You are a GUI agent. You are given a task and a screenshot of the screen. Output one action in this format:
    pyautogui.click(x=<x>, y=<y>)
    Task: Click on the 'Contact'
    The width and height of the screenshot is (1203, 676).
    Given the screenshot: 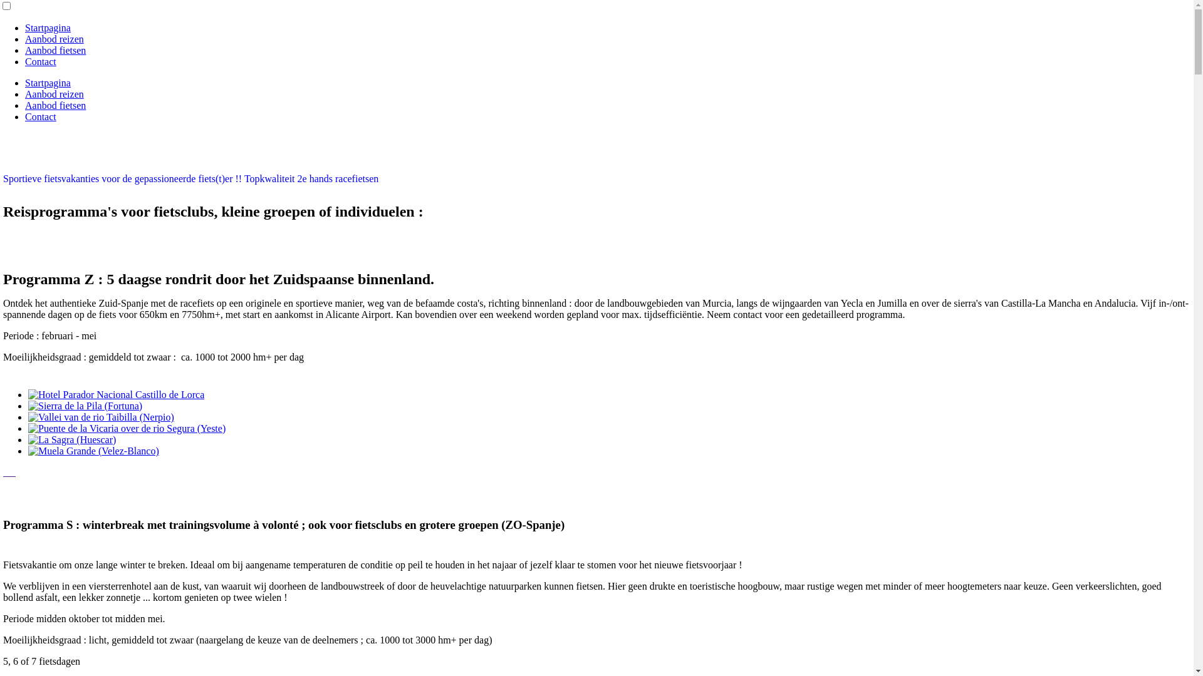 What is the action you would take?
    pyautogui.click(x=24, y=116)
    